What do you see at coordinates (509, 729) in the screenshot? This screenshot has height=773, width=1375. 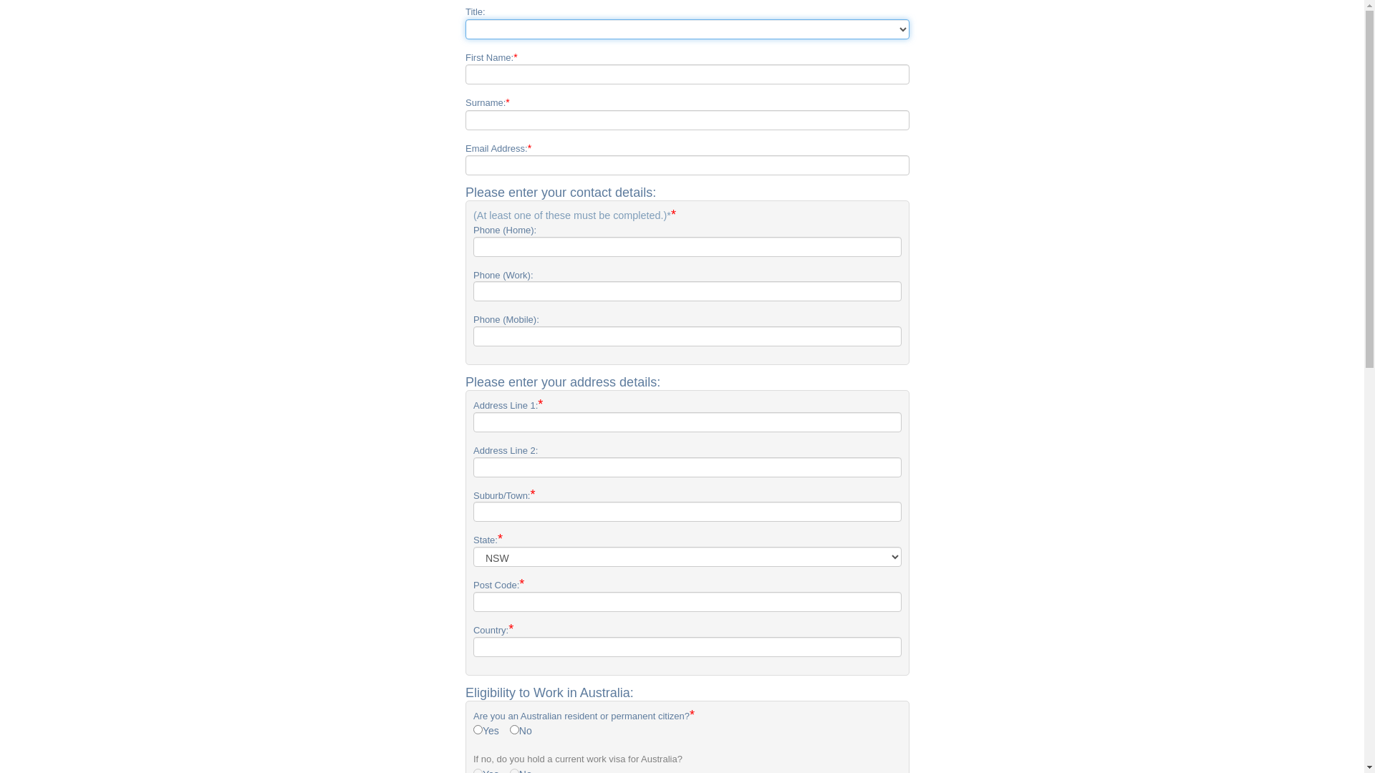 I see `'0'` at bounding box center [509, 729].